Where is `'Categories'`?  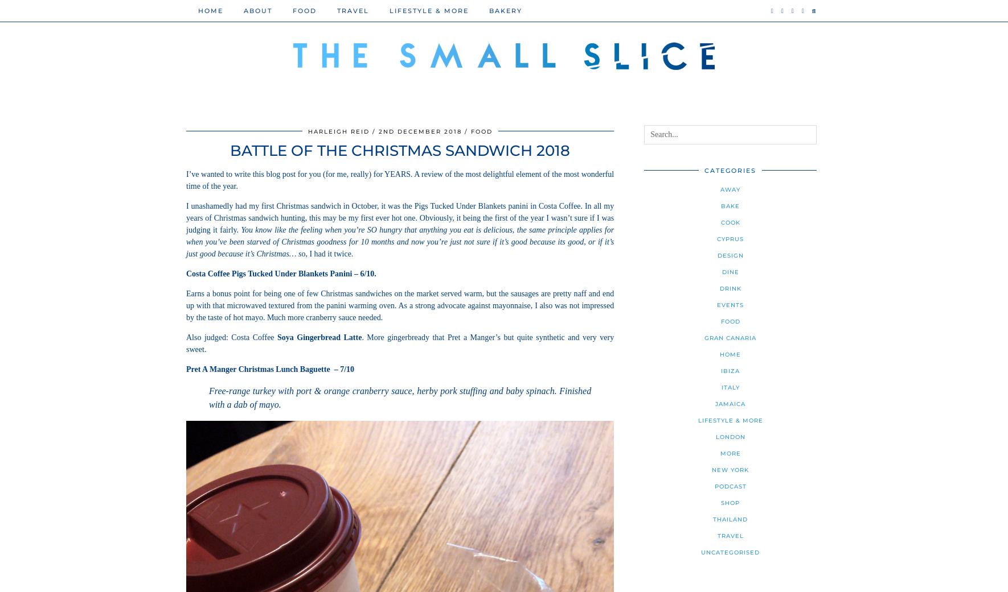
'Categories' is located at coordinates (730, 170).